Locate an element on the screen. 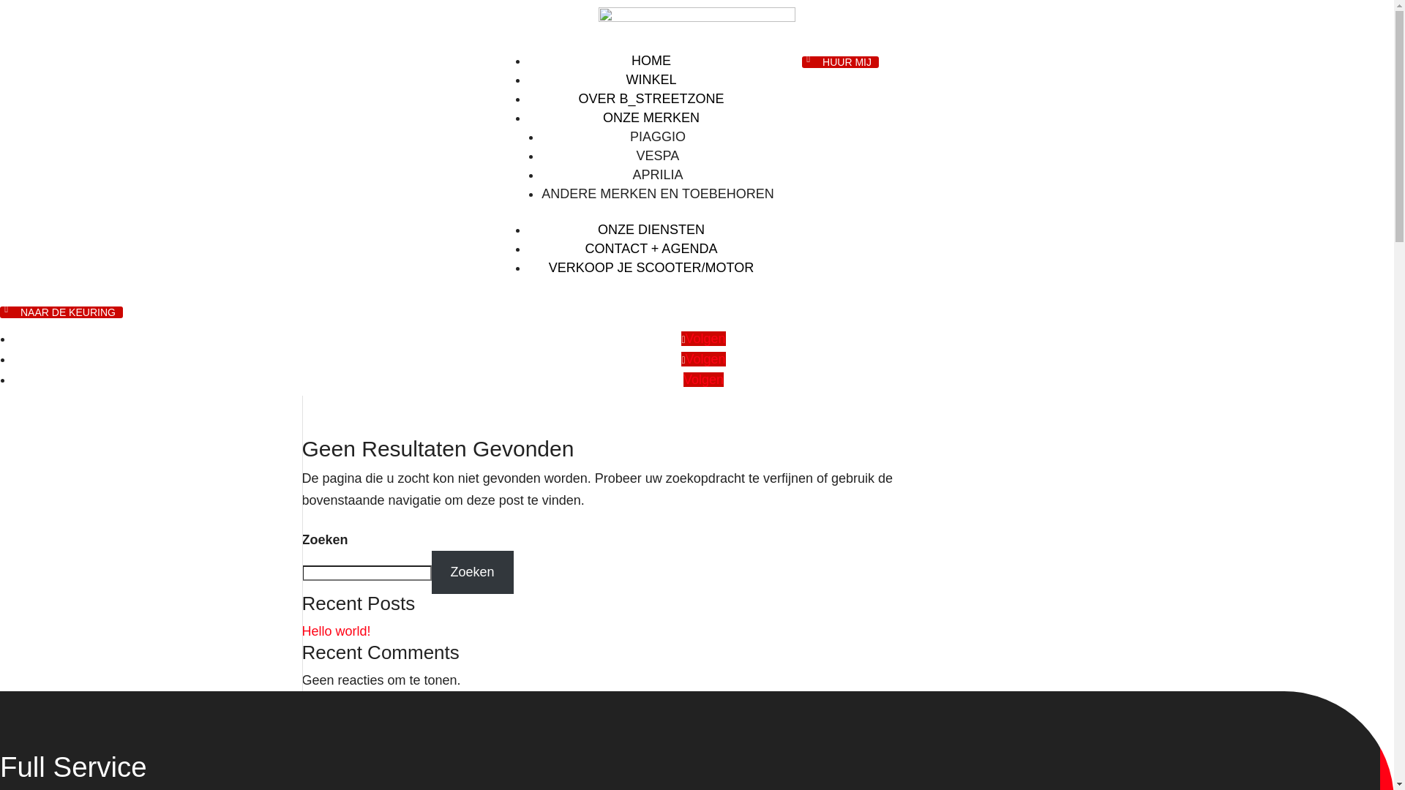  'ONZE DIENSTEN' is located at coordinates (650, 229).